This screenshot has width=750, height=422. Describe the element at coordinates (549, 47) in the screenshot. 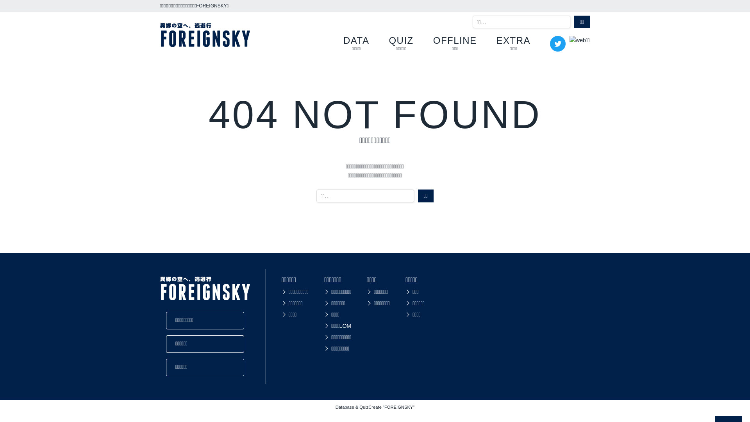

I see `'Twitter'` at that location.